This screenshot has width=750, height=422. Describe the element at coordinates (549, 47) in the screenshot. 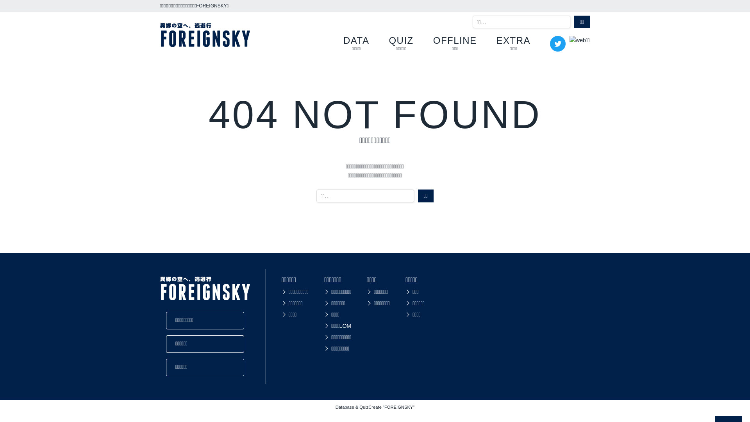

I see `'Twitter'` at that location.